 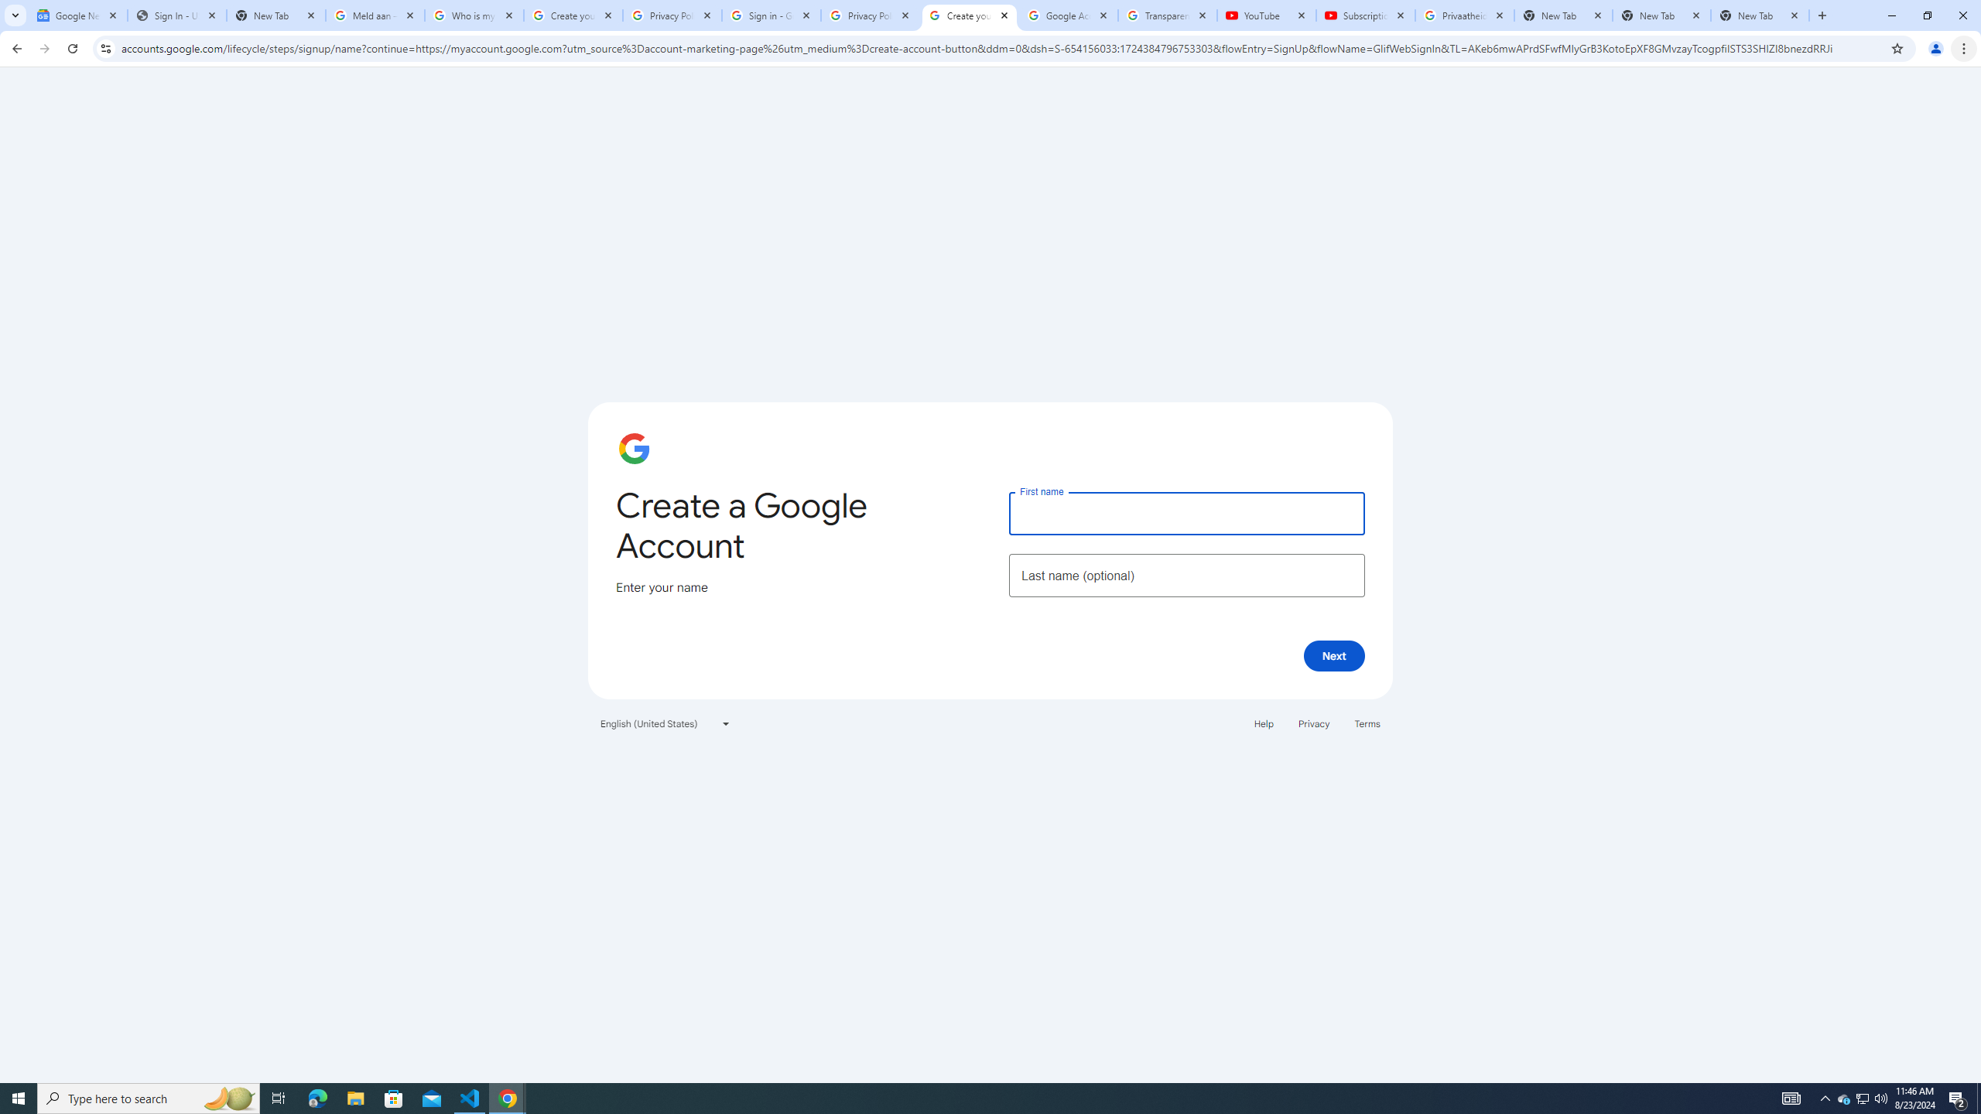 I want to click on 'Who is my administrator? - Google Account Help', so click(x=474, y=15).